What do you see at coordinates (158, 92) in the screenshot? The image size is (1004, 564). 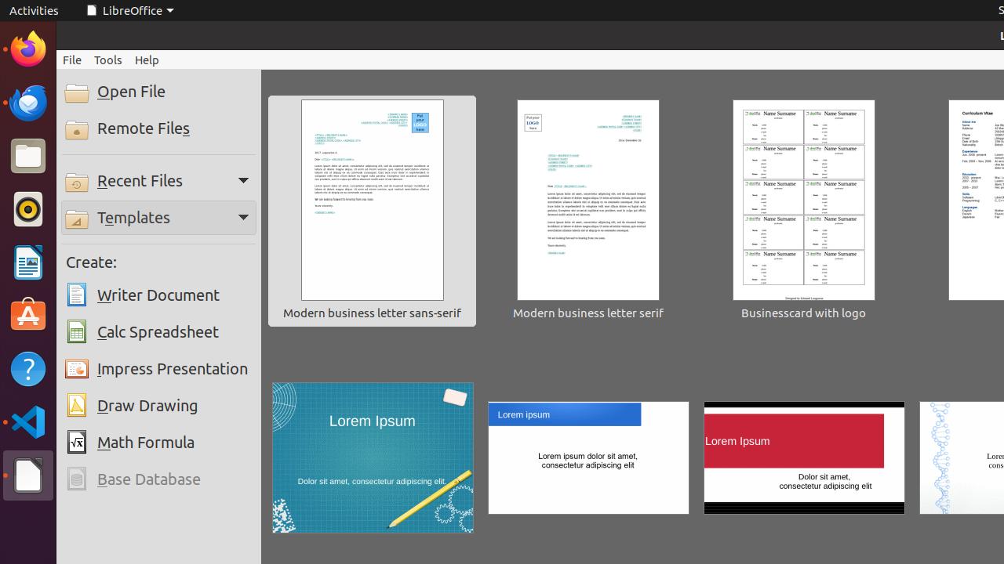 I see `'Open File'` at bounding box center [158, 92].